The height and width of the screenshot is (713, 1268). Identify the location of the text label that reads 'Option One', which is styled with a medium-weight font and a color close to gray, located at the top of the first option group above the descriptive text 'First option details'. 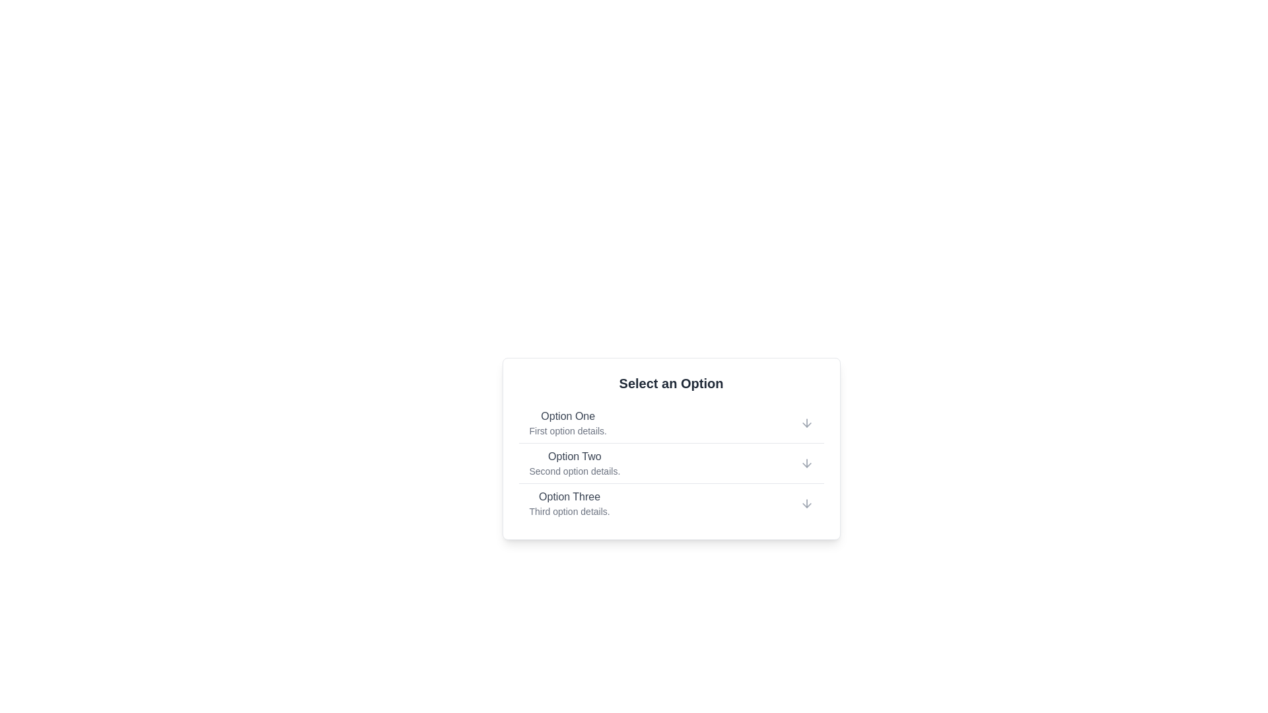
(568, 417).